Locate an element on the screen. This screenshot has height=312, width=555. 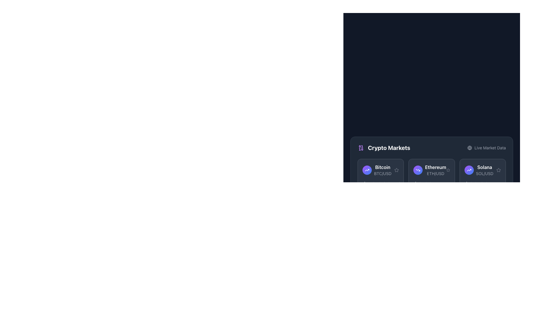
the text label reading 'Crypto Markets', which is styled with a bold, large font size and white color, located in the upper-middle area of the interface is located at coordinates (389, 148).